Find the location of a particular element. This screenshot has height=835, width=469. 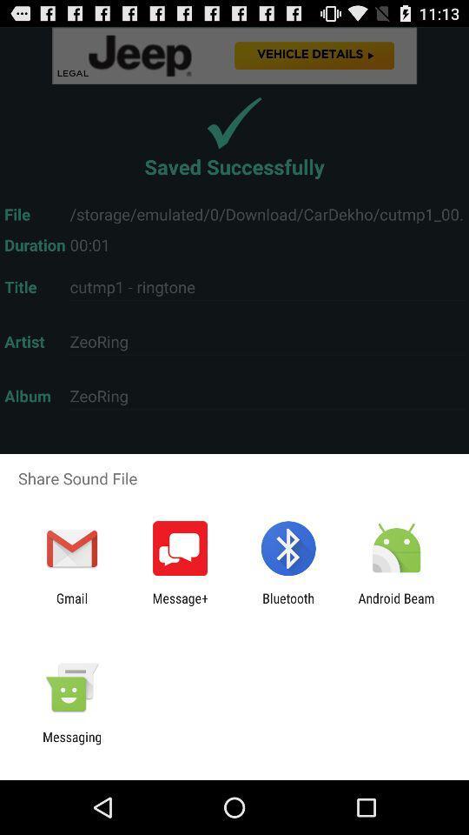

the item next to the bluetooth item is located at coordinates (396, 605).